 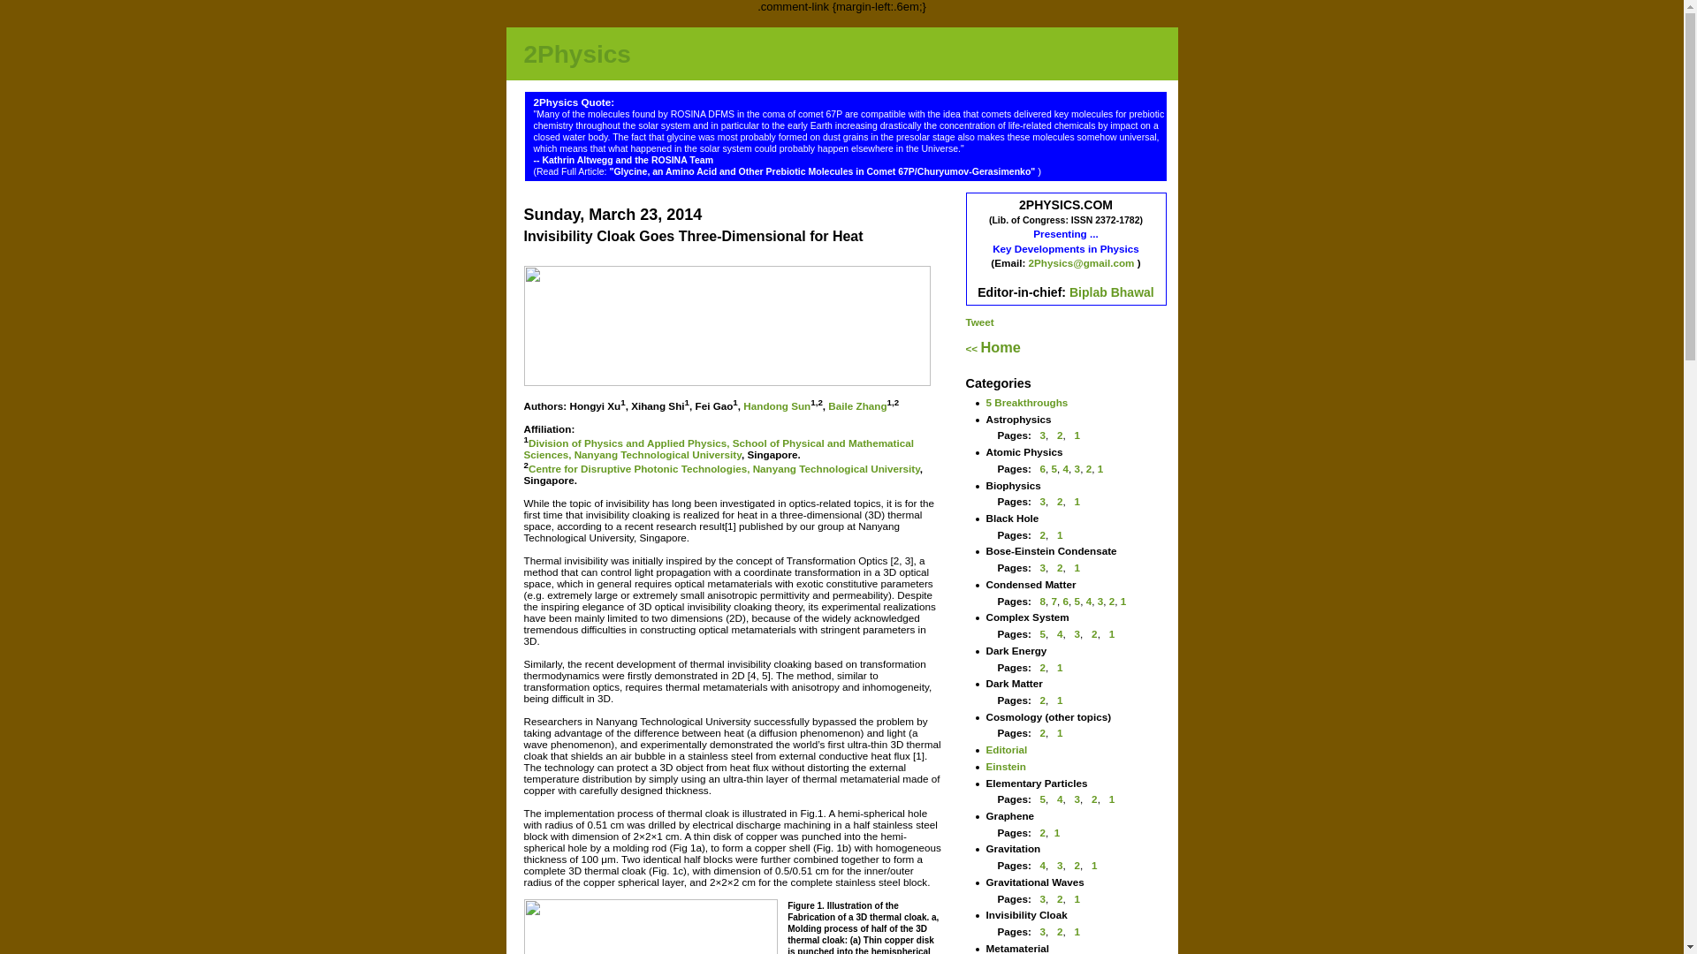 I want to click on '8', so click(x=1043, y=600).